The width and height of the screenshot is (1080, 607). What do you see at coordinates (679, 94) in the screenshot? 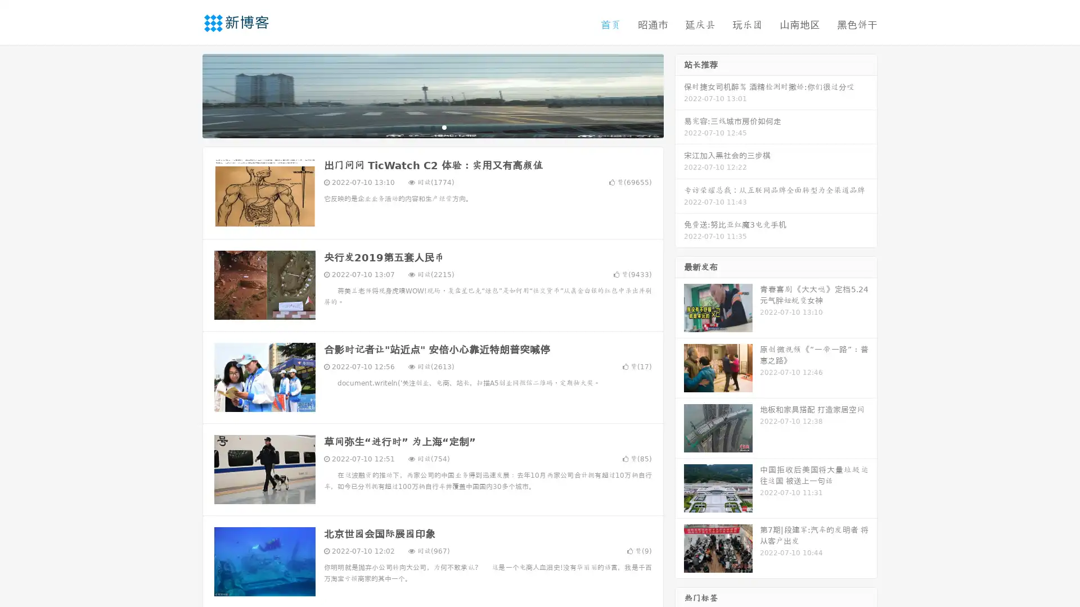
I see `Next slide` at bounding box center [679, 94].